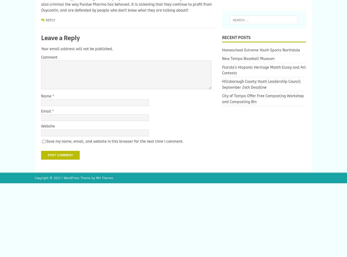  I want to click on 'Leave a Reply', so click(60, 38).